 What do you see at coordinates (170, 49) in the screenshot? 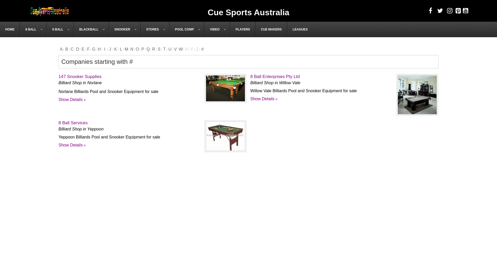
I see `'U'` at bounding box center [170, 49].